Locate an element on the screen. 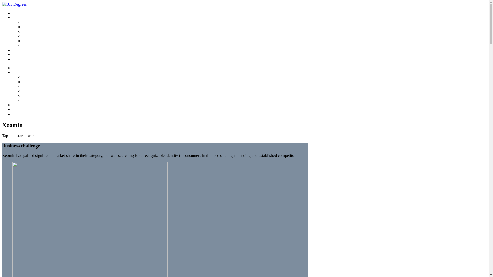 This screenshot has width=493, height=277. 'Hill Physicians' is located at coordinates (22, 27).